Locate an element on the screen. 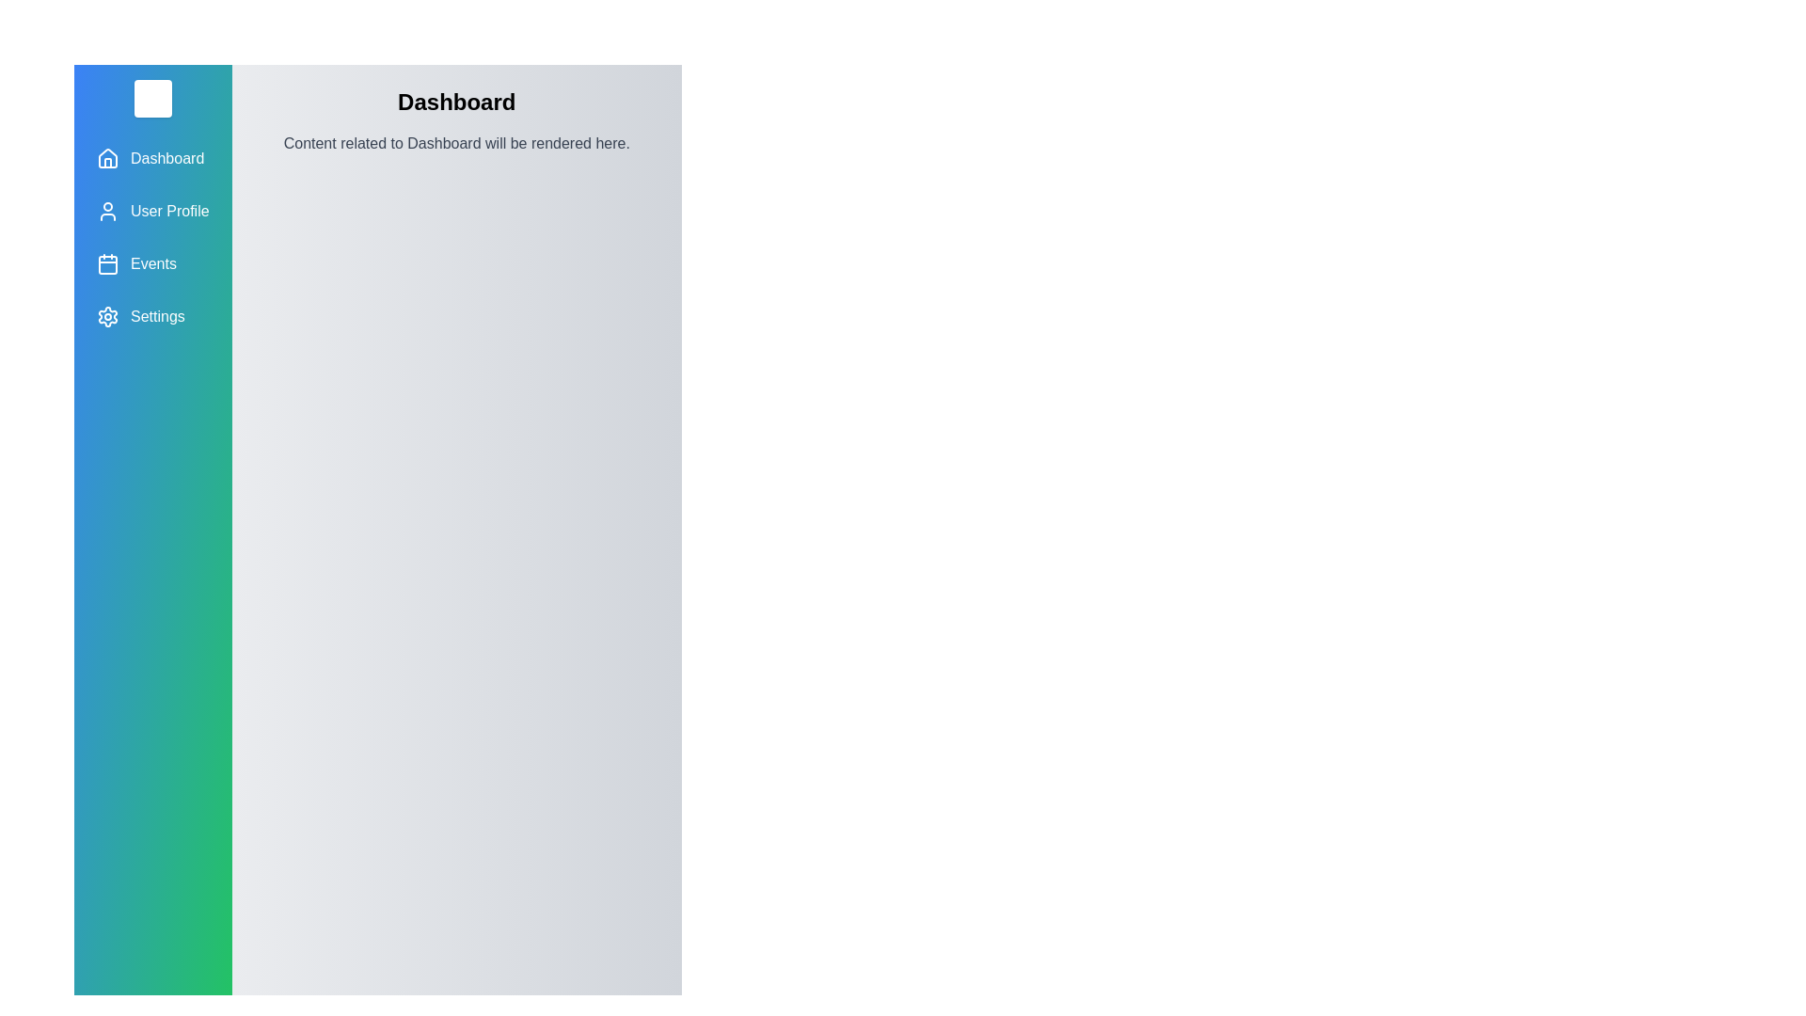  the menu button to toggle the drawer expansion state is located at coordinates (152, 98).